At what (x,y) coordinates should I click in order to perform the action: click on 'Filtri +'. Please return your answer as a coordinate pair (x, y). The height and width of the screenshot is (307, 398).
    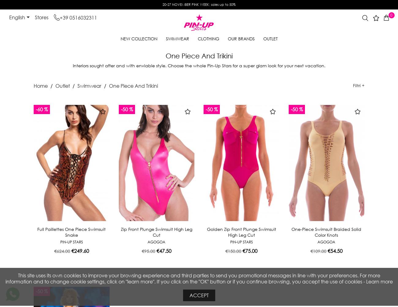
    Looking at the image, I should click on (353, 85).